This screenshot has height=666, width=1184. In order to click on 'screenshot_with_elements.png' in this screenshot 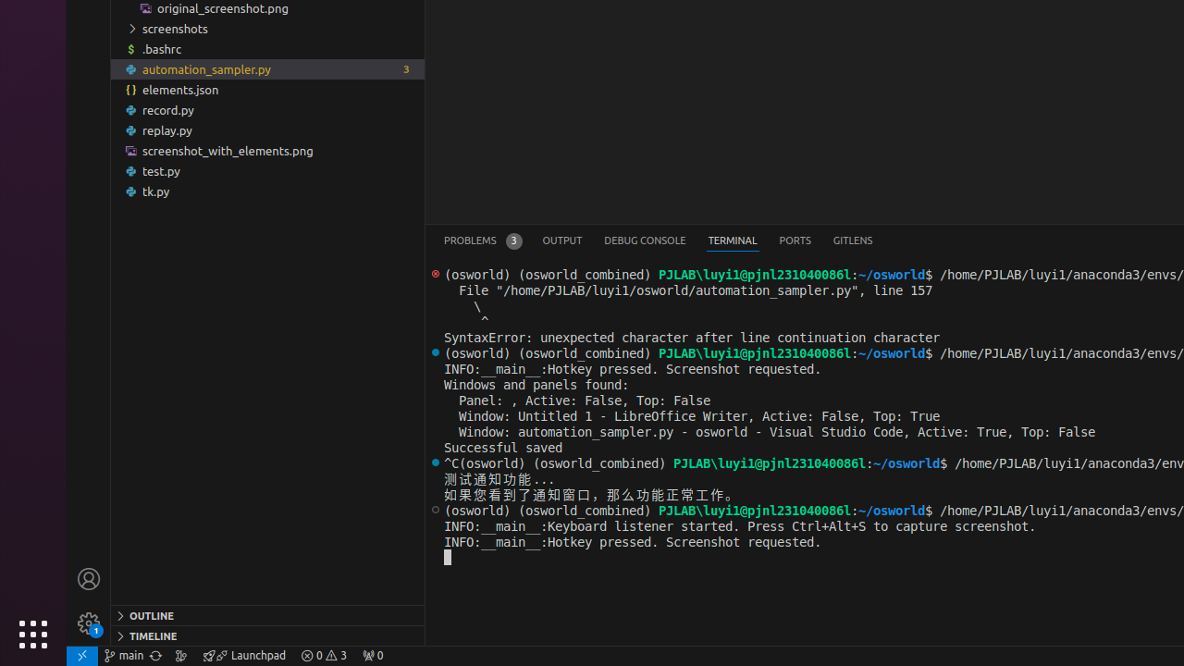, I will do `click(266, 150)`.